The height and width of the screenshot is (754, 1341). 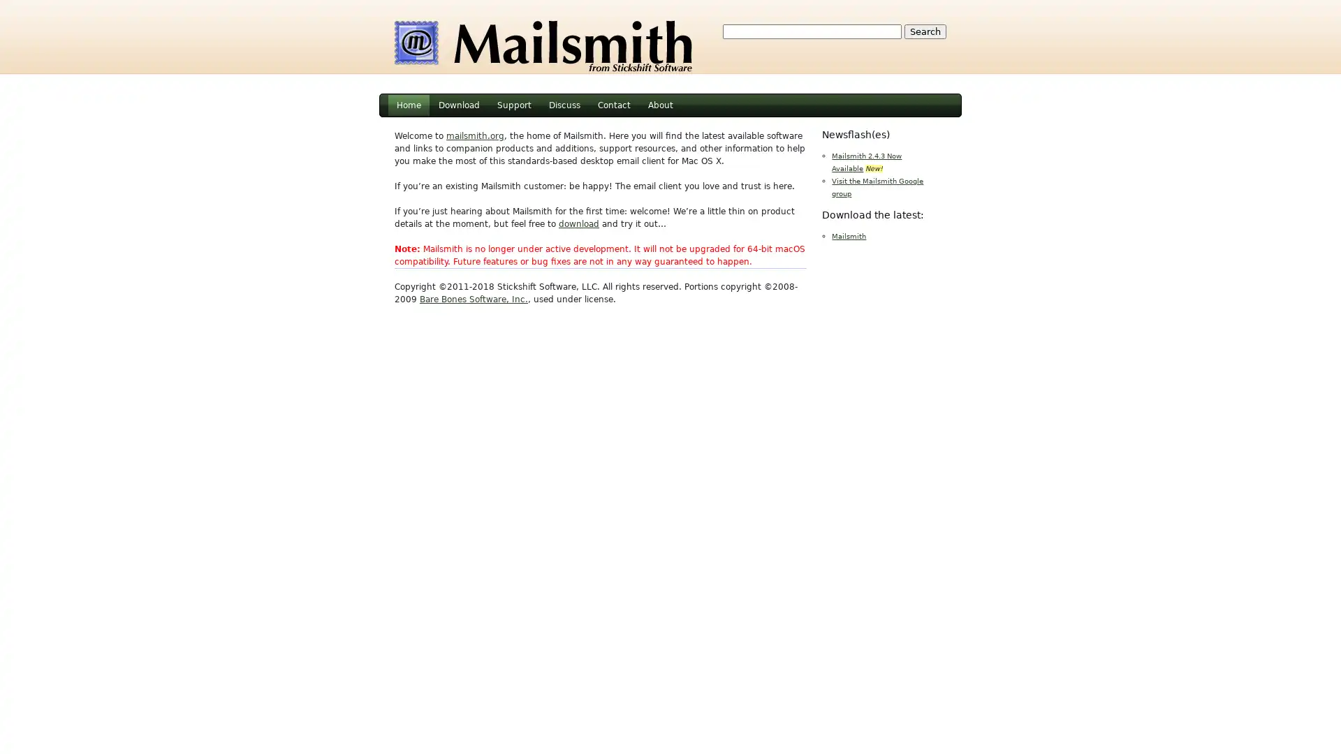 What do you see at coordinates (925, 31) in the screenshot?
I see `Search` at bounding box center [925, 31].